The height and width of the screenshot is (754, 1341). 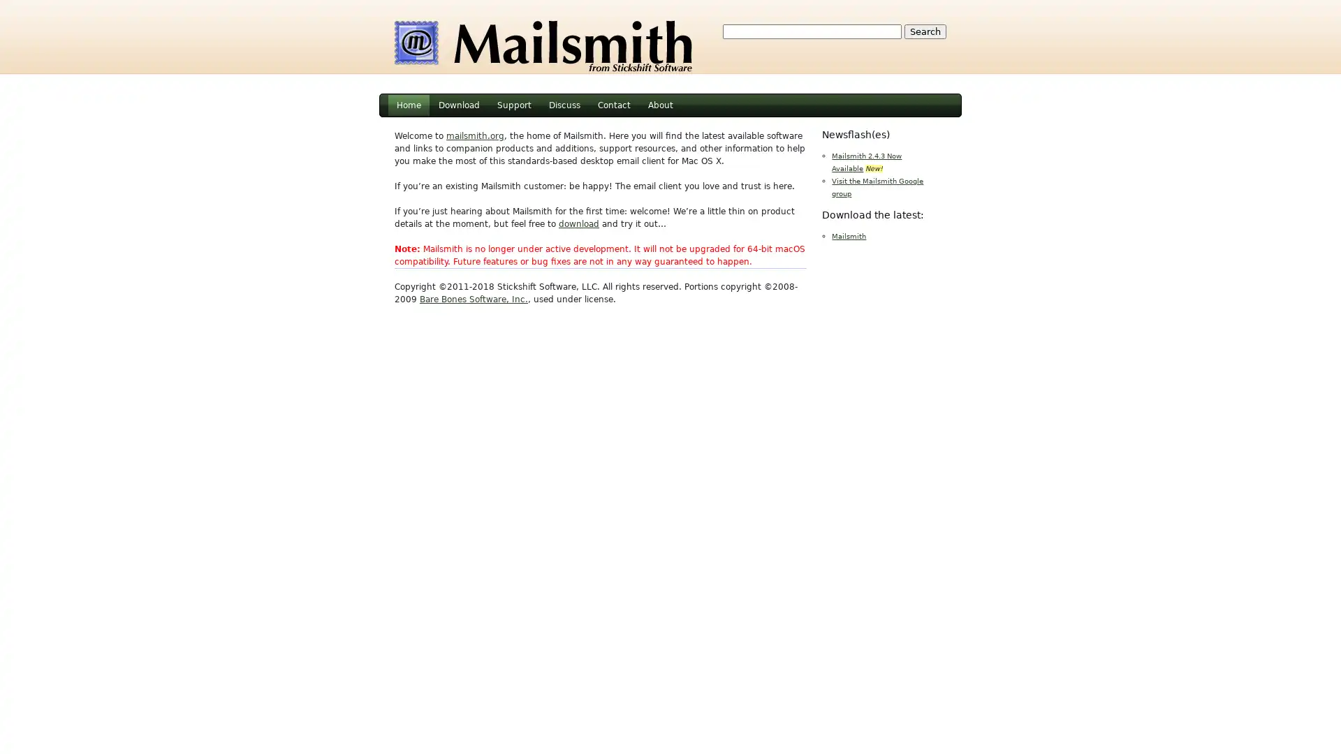 What do you see at coordinates (925, 31) in the screenshot?
I see `Search` at bounding box center [925, 31].